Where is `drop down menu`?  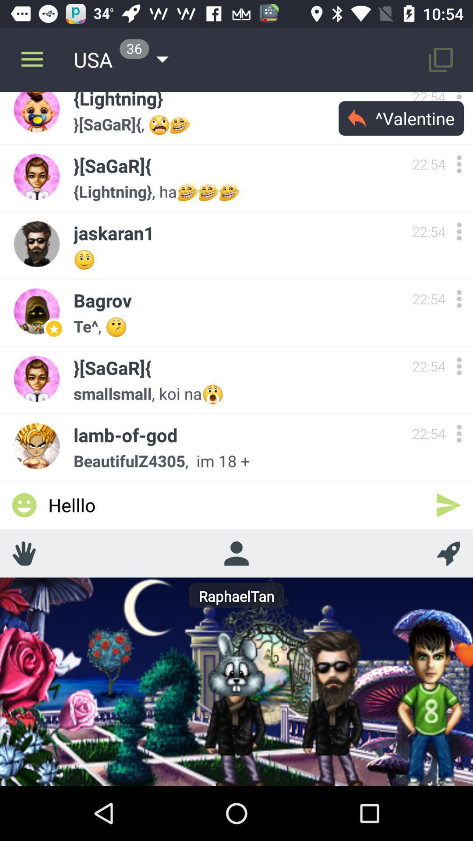
drop down menu is located at coordinates (459, 299).